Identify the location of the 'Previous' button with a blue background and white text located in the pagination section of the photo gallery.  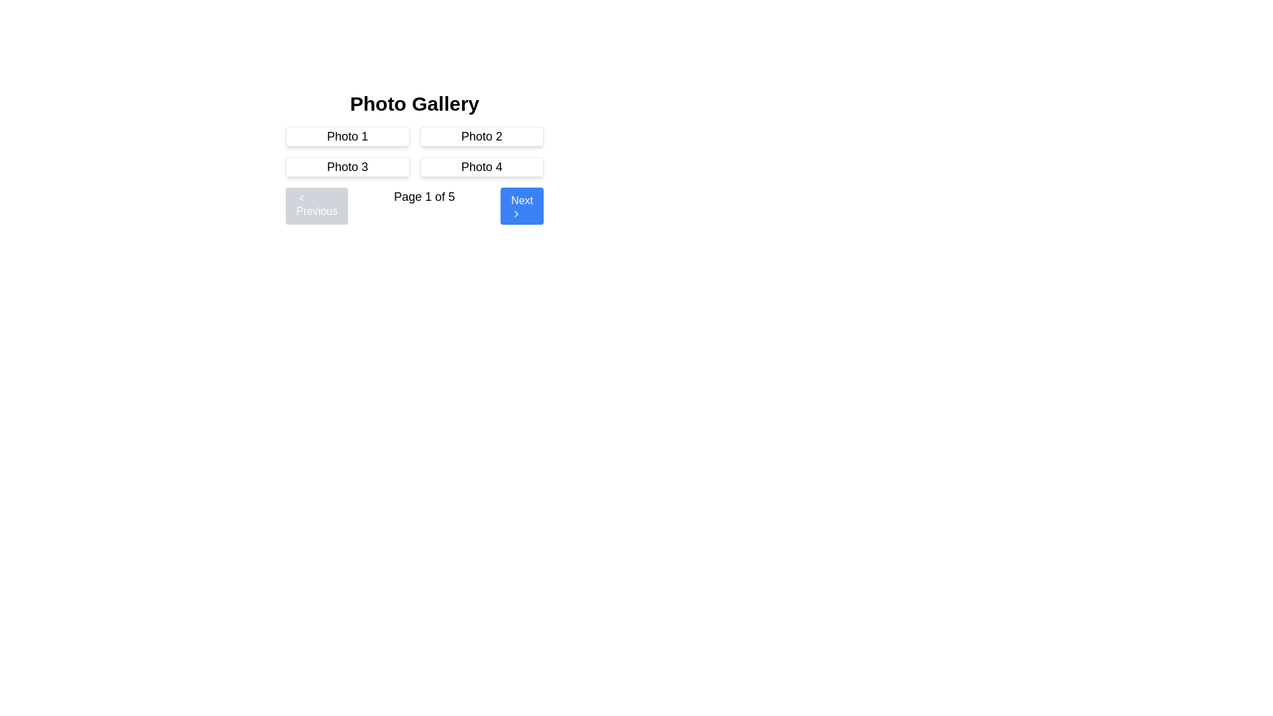
(316, 206).